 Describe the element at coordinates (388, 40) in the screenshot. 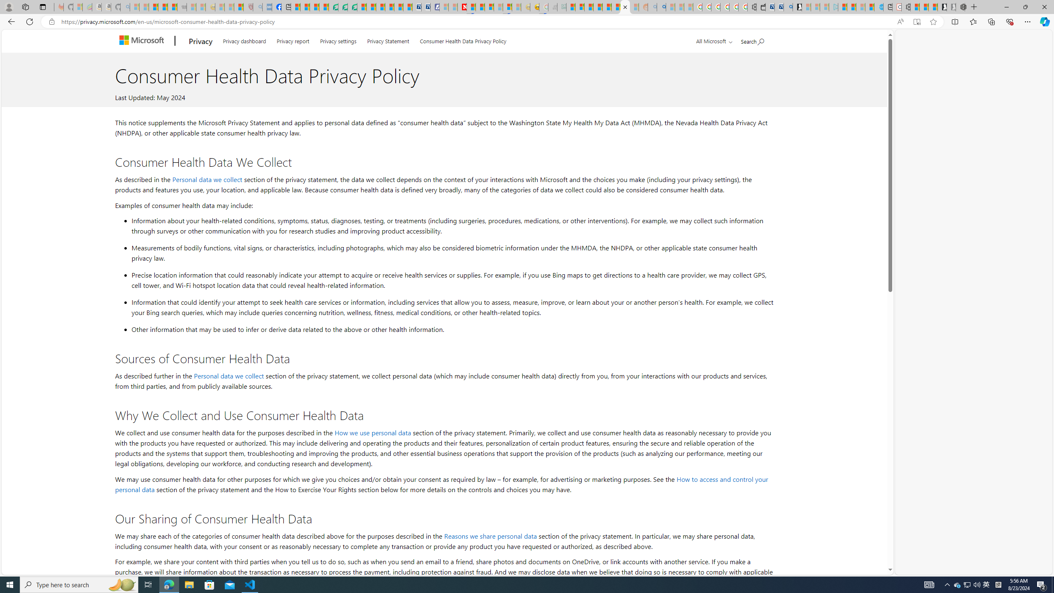

I see `'Privacy Statement'` at that location.